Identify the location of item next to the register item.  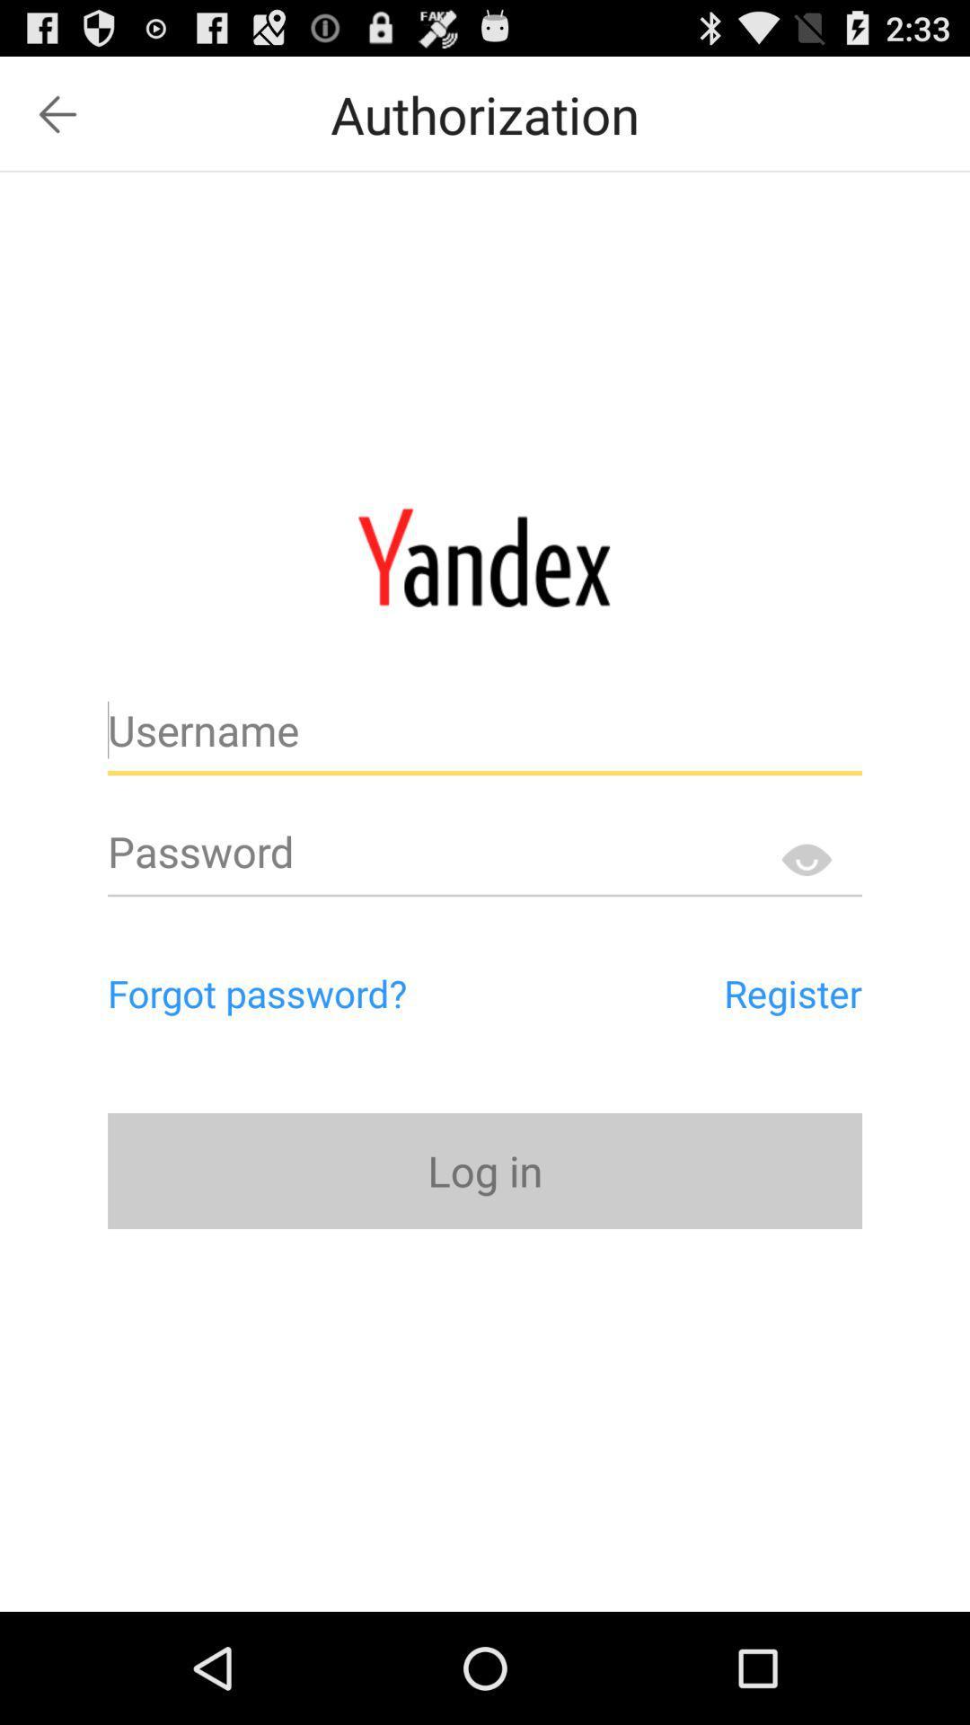
(333, 992).